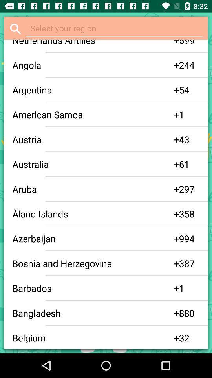 This screenshot has height=378, width=212. Describe the element at coordinates (93, 189) in the screenshot. I see `icon to the left of the + item` at that location.